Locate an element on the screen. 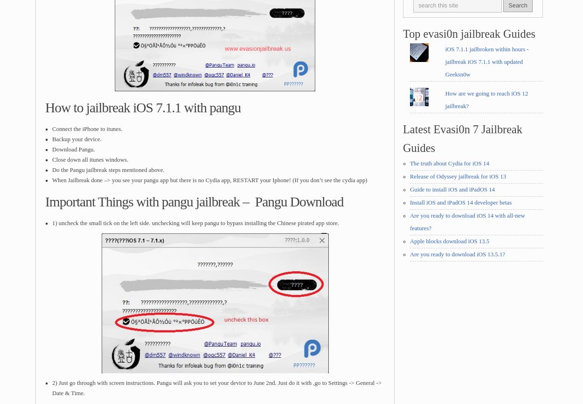 The width and height of the screenshot is (583, 404). 'Guide to install iOS and iPadOS 14' is located at coordinates (410, 189).